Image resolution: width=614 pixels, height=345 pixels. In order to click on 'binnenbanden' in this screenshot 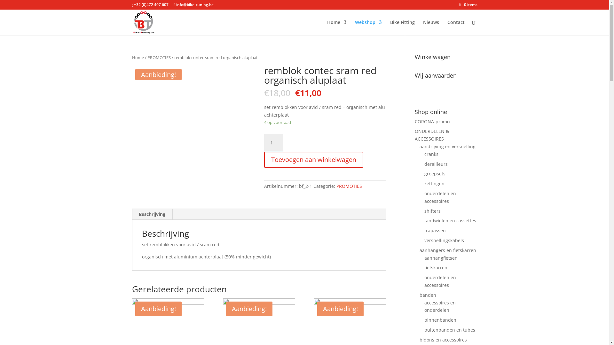, I will do `click(424, 320)`.